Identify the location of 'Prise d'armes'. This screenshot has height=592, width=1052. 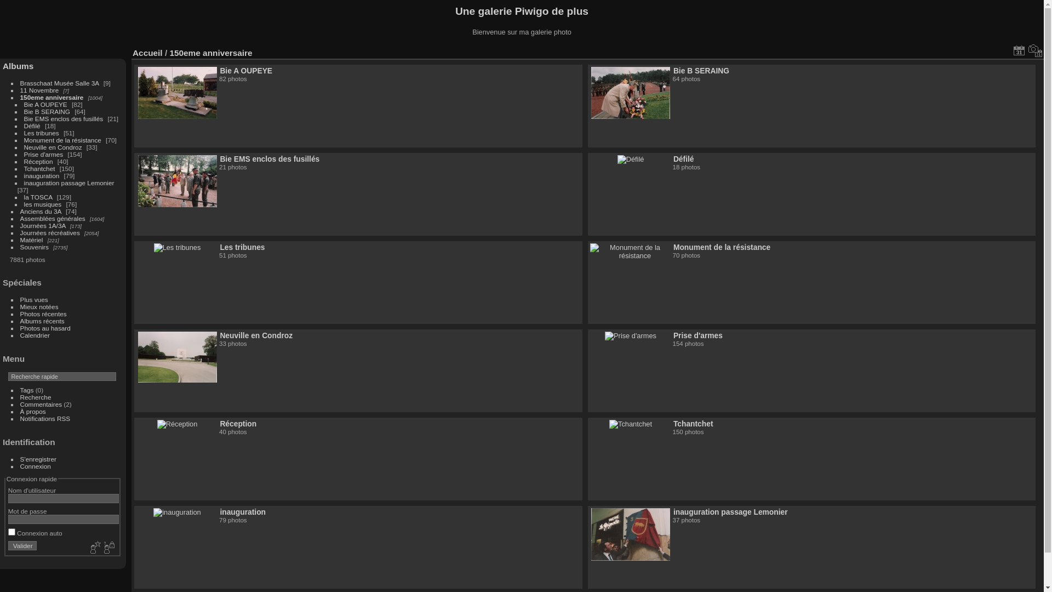
(697, 335).